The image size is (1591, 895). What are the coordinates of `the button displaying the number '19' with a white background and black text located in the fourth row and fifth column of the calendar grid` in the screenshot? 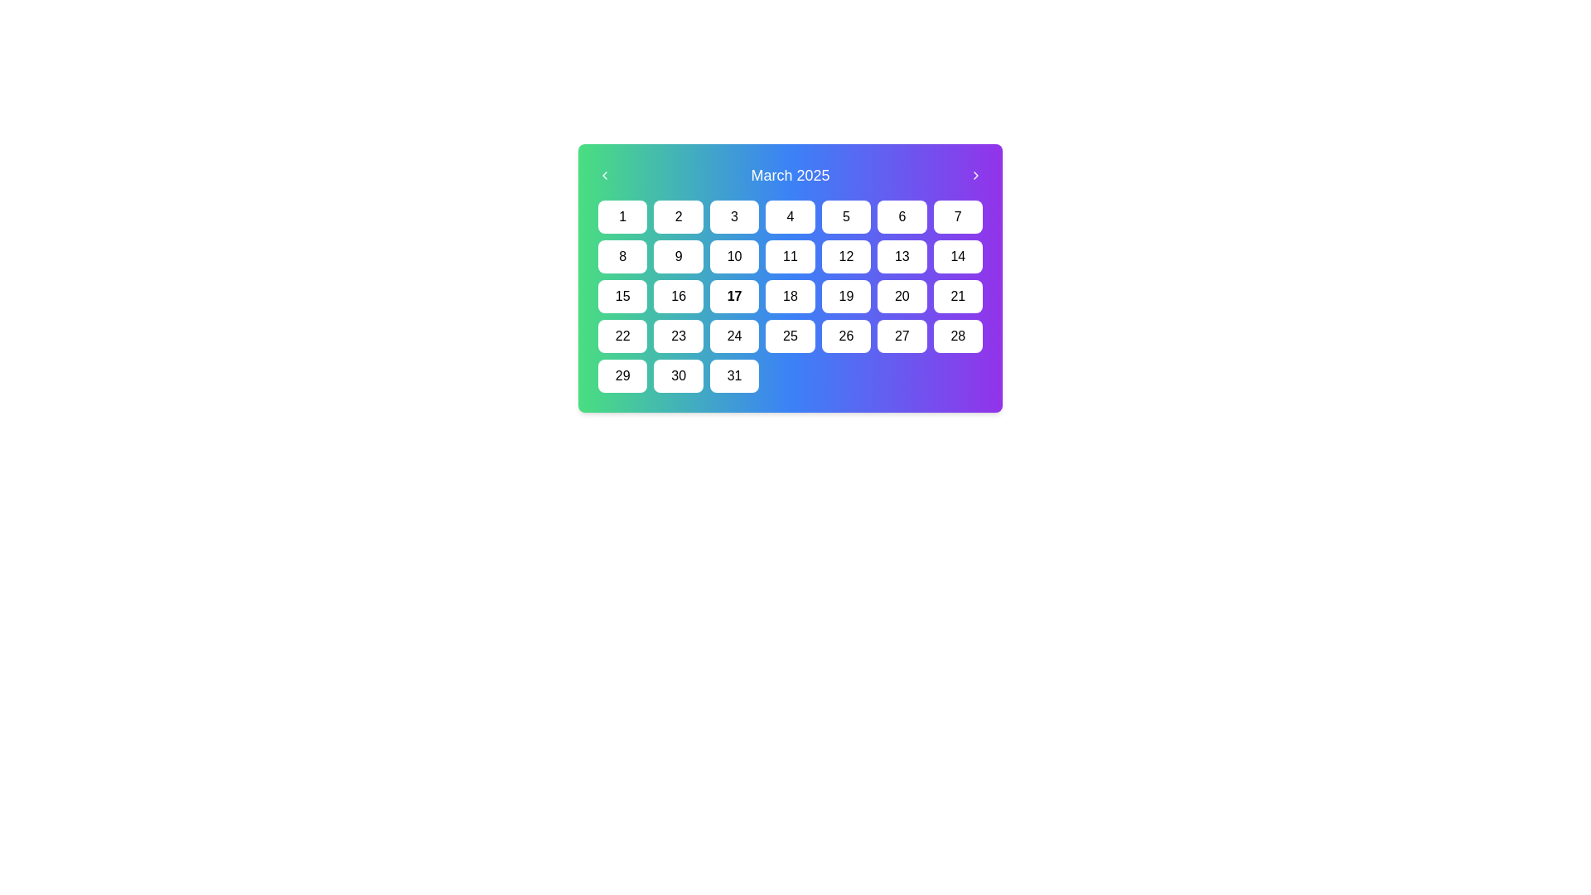 It's located at (846, 296).